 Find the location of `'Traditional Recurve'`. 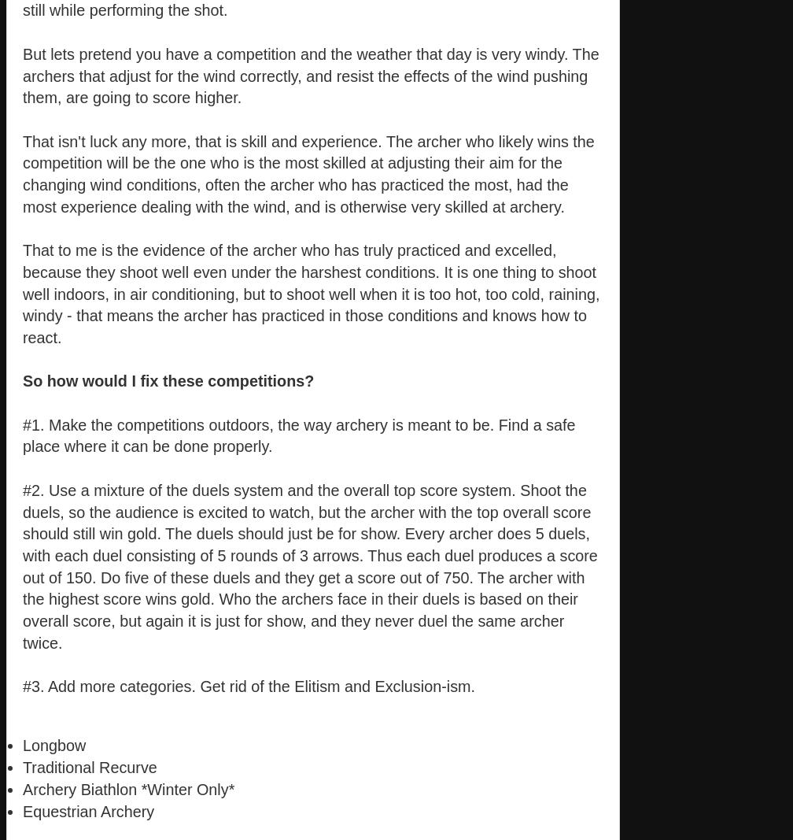

'Traditional Recurve' is located at coordinates (90, 768).